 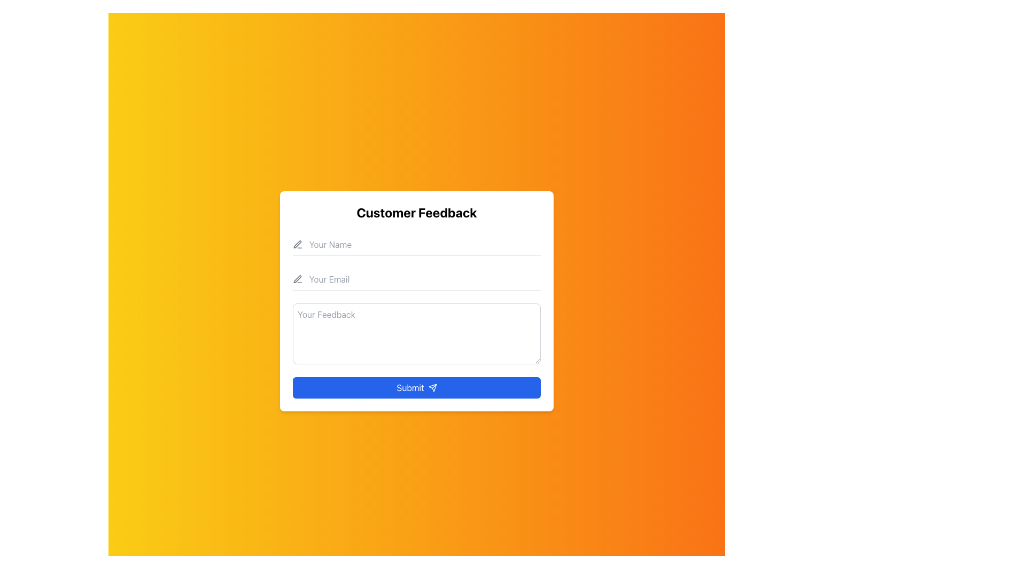 What do you see at coordinates (298, 279) in the screenshot?
I see `the decorative icon located at the top-left corner of the 'Your Email' input field` at bounding box center [298, 279].